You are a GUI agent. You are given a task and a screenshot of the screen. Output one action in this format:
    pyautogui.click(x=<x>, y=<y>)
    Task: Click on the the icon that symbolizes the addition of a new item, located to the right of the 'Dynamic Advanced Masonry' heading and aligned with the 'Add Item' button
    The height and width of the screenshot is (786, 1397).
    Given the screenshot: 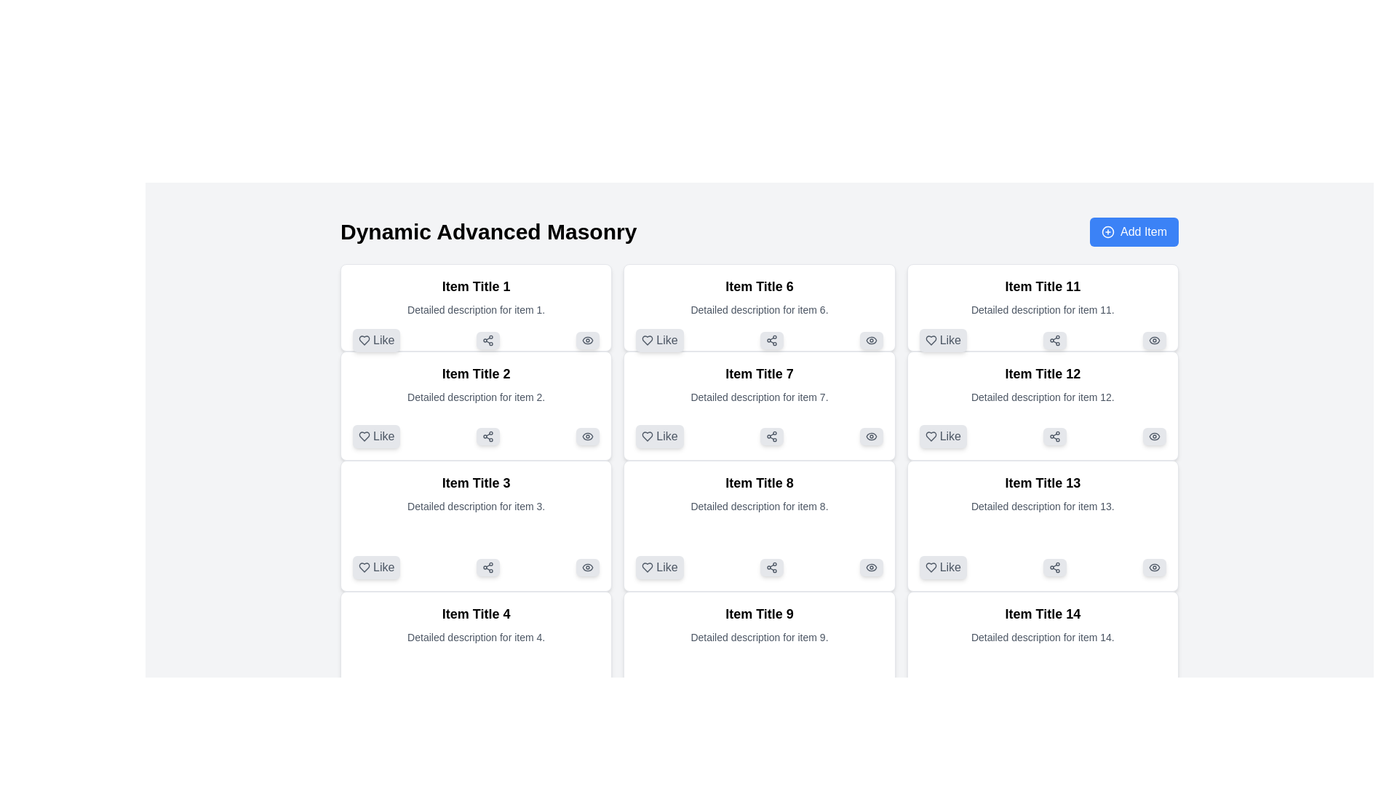 What is the action you would take?
    pyautogui.click(x=1107, y=231)
    